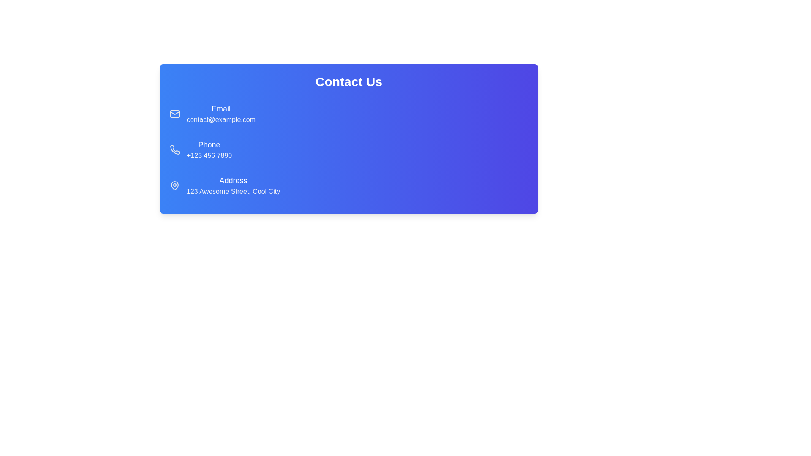 The width and height of the screenshot is (811, 456). What do you see at coordinates (348, 81) in the screenshot?
I see `text of the heading element located at the top of the section, which indicates the purpose of the information below it` at bounding box center [348, 81].